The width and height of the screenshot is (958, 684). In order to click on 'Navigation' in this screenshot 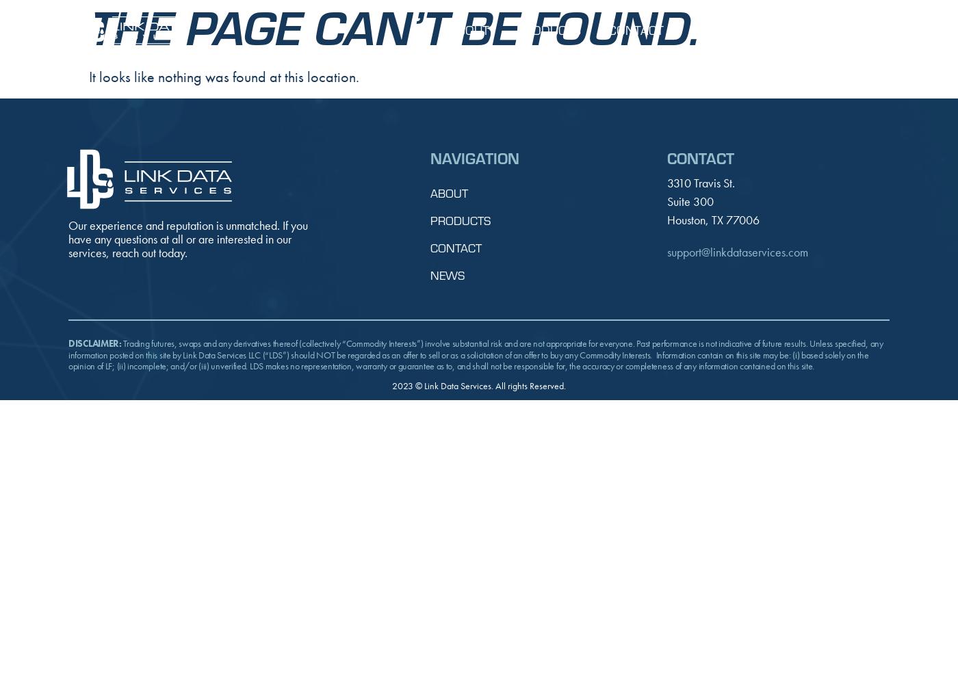, I will do `click(474, 156)`.